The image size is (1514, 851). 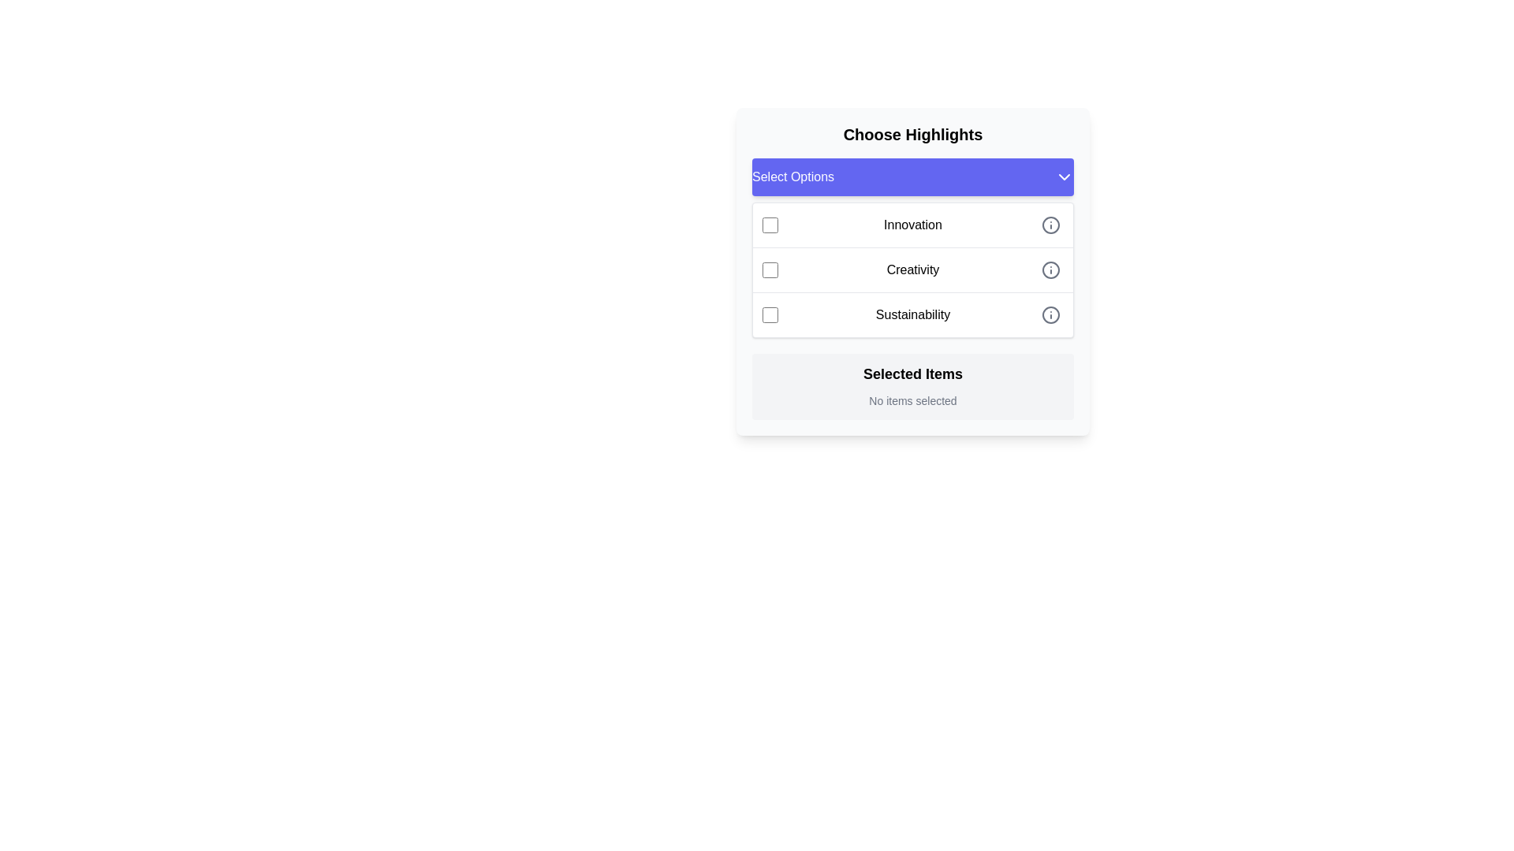 I want to click on the circular icon with a gray outer border and a dot in the center, located to the right of the text 'Innovation', so click(x=1051, y=225).